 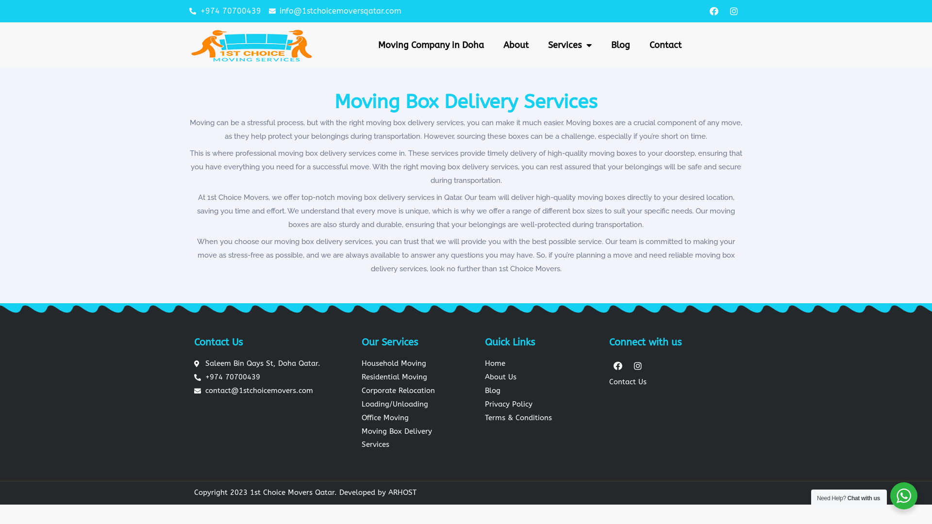 I want to click on 'contact@1stchoicemovers.com', so click(x=258, y=391).